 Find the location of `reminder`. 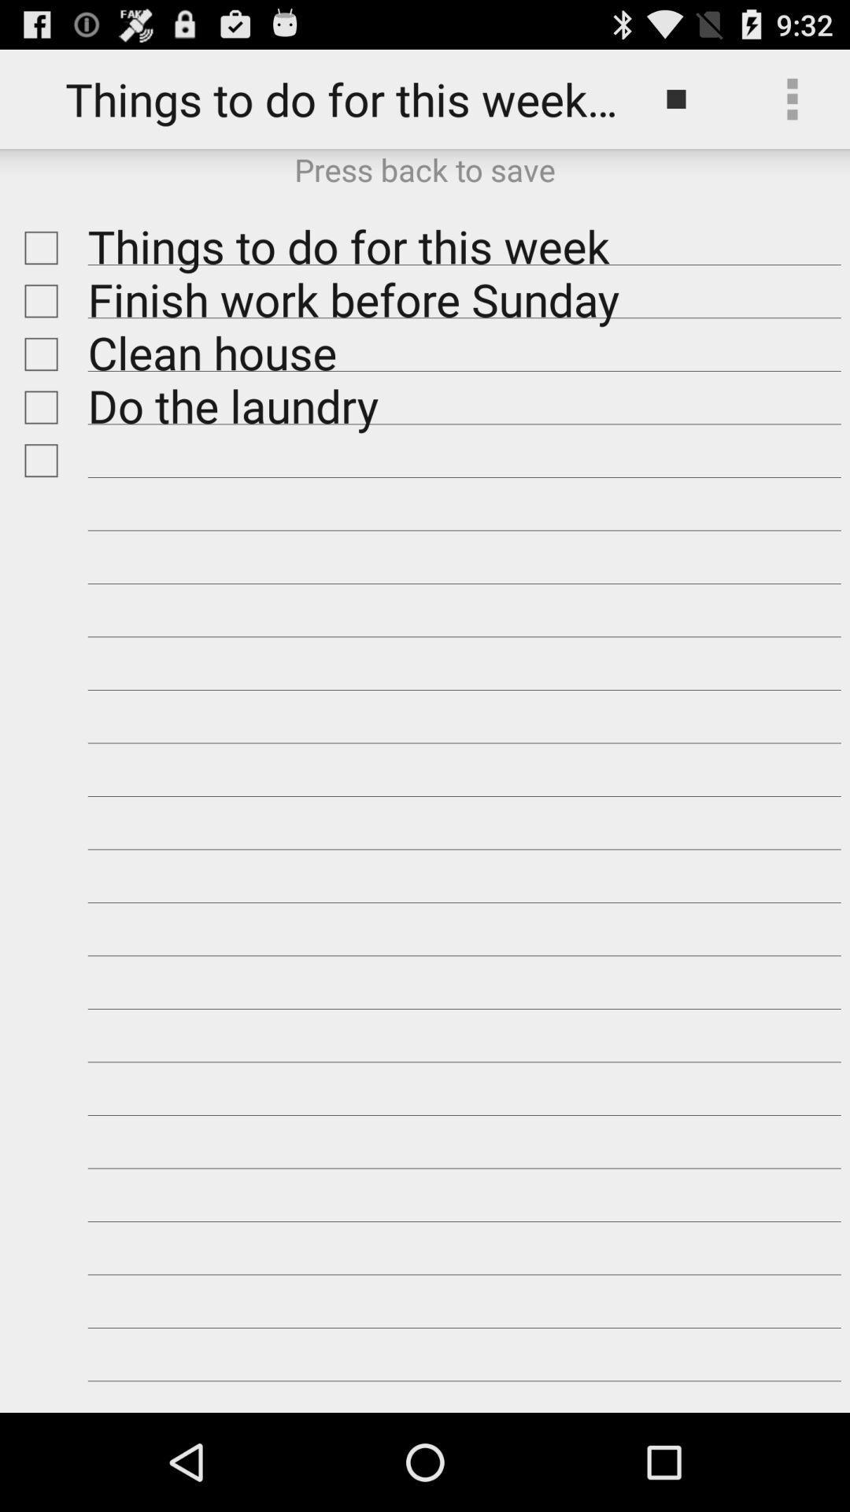

reminder is located at coordinates (36, 460).